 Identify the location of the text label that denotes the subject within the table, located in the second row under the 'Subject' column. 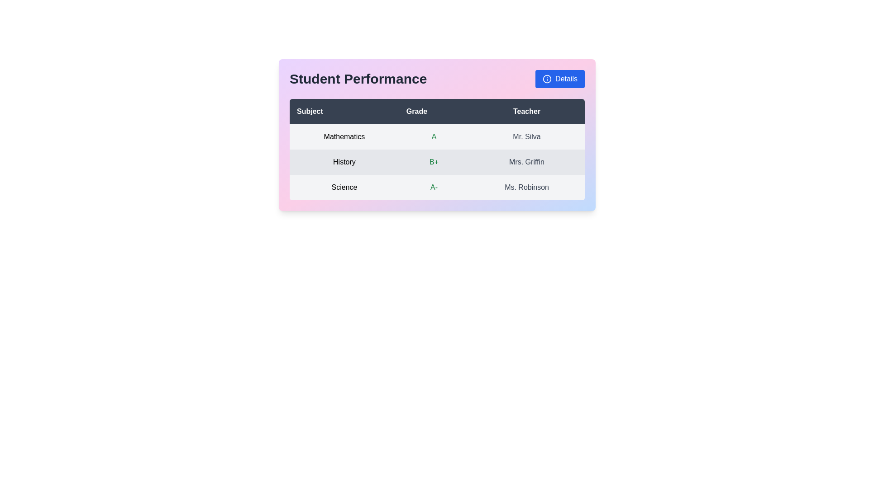
(344, 161).